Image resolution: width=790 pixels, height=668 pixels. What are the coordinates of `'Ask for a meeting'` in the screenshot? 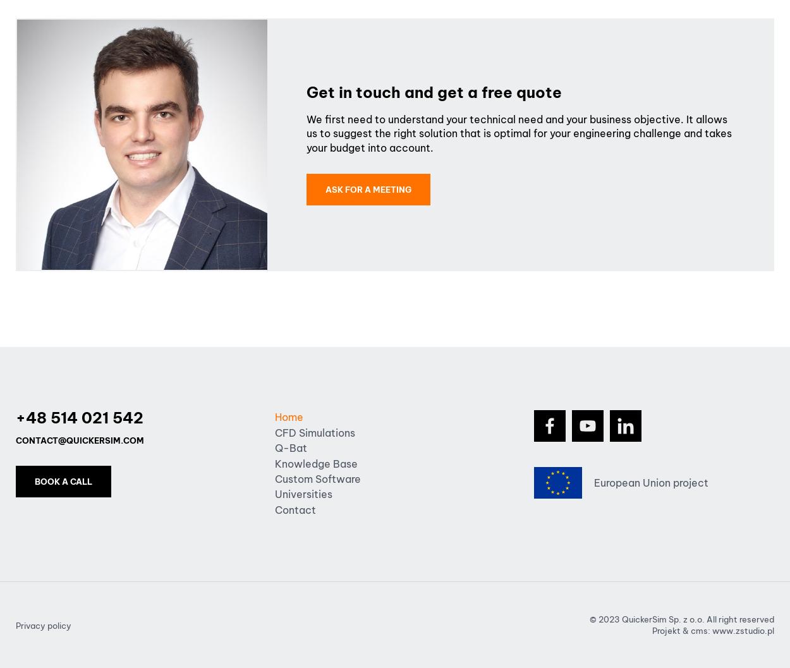 It's located at (368, 188).